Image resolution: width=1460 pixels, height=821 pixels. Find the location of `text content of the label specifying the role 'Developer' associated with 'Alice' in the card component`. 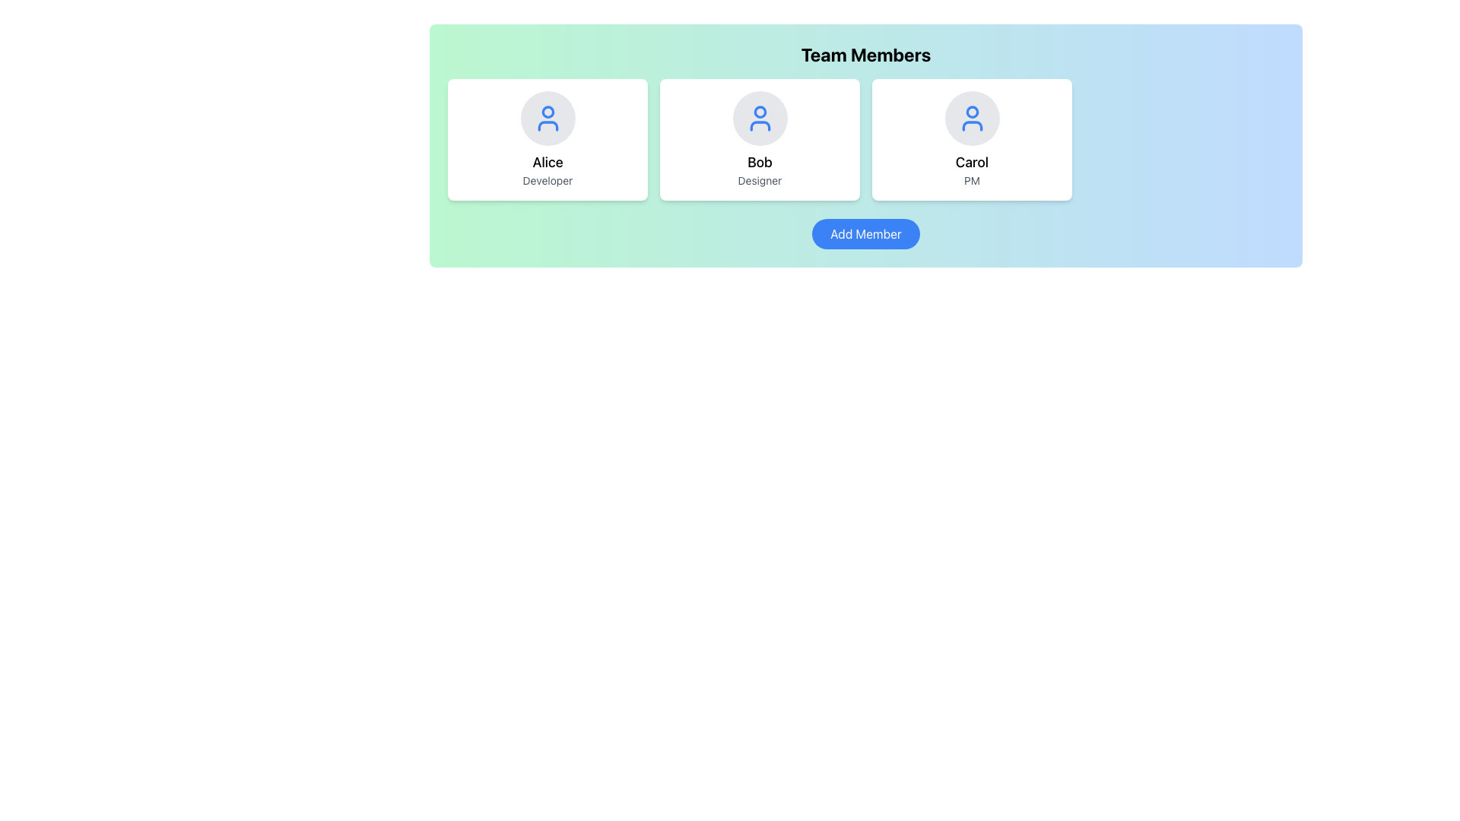

text content of the label specifying the role 'Developer' associated with 'Alice' in the card component is located at coordinates (547, 180).